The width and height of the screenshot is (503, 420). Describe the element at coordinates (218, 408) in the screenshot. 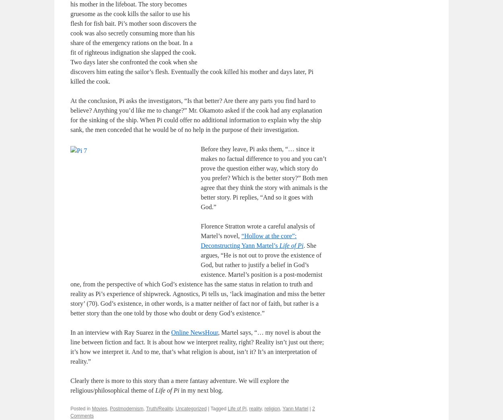

I see `'Tagged'` at that location.